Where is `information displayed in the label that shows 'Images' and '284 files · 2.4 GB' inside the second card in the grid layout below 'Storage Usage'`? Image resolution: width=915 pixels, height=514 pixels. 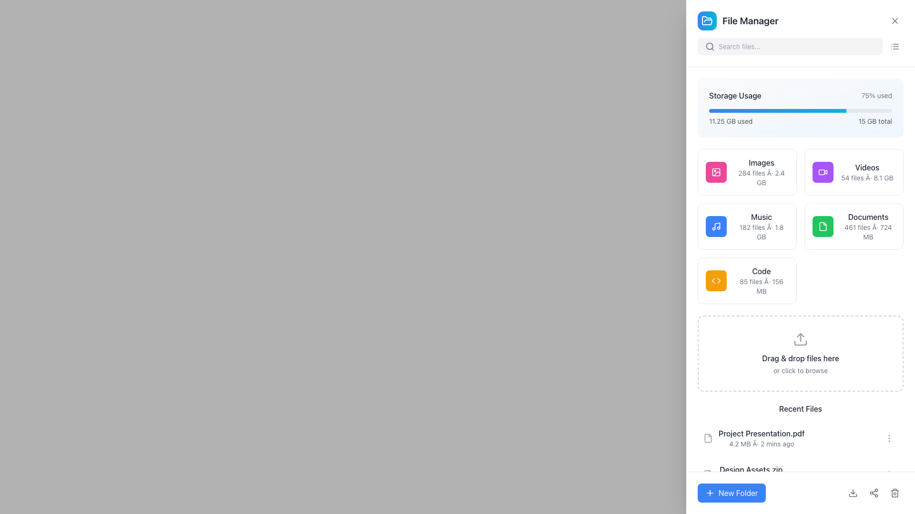
information displayed in the label that shows 'Images' and '284 files · 2.4 GB' inside the second card in the grid layout below 'Storage Usage' is located at coordinates (761, 172).